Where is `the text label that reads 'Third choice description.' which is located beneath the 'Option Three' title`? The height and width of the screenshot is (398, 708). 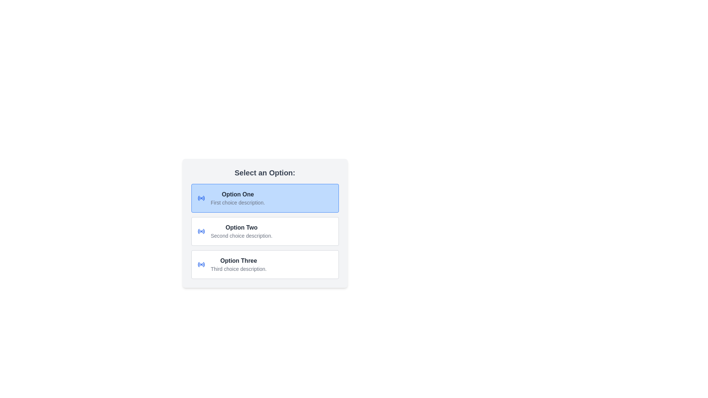 the text label that reads 'Third choice description.' which is located beneath the 'Option Three' title is located at coordinates (239, 269).